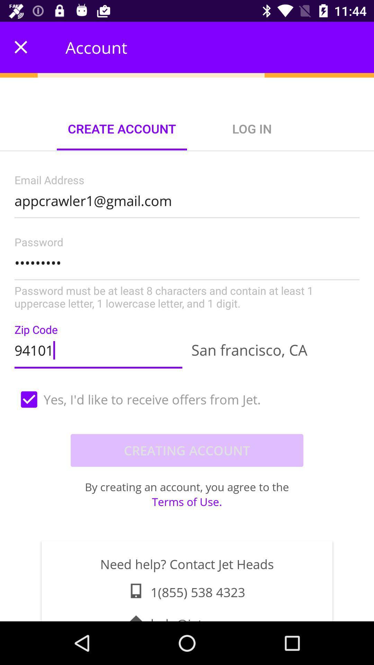 This screenshot has width=374, height=665. Describe the element at coordinates (187, 502) in the screenshot. I see `terms of use. item` at that location.